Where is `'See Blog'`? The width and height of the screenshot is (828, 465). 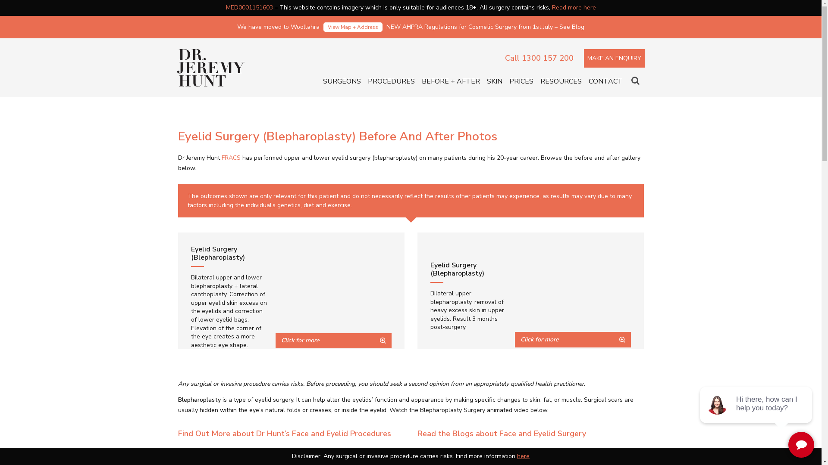
'See Blog' is located at coordinates (559, 26).